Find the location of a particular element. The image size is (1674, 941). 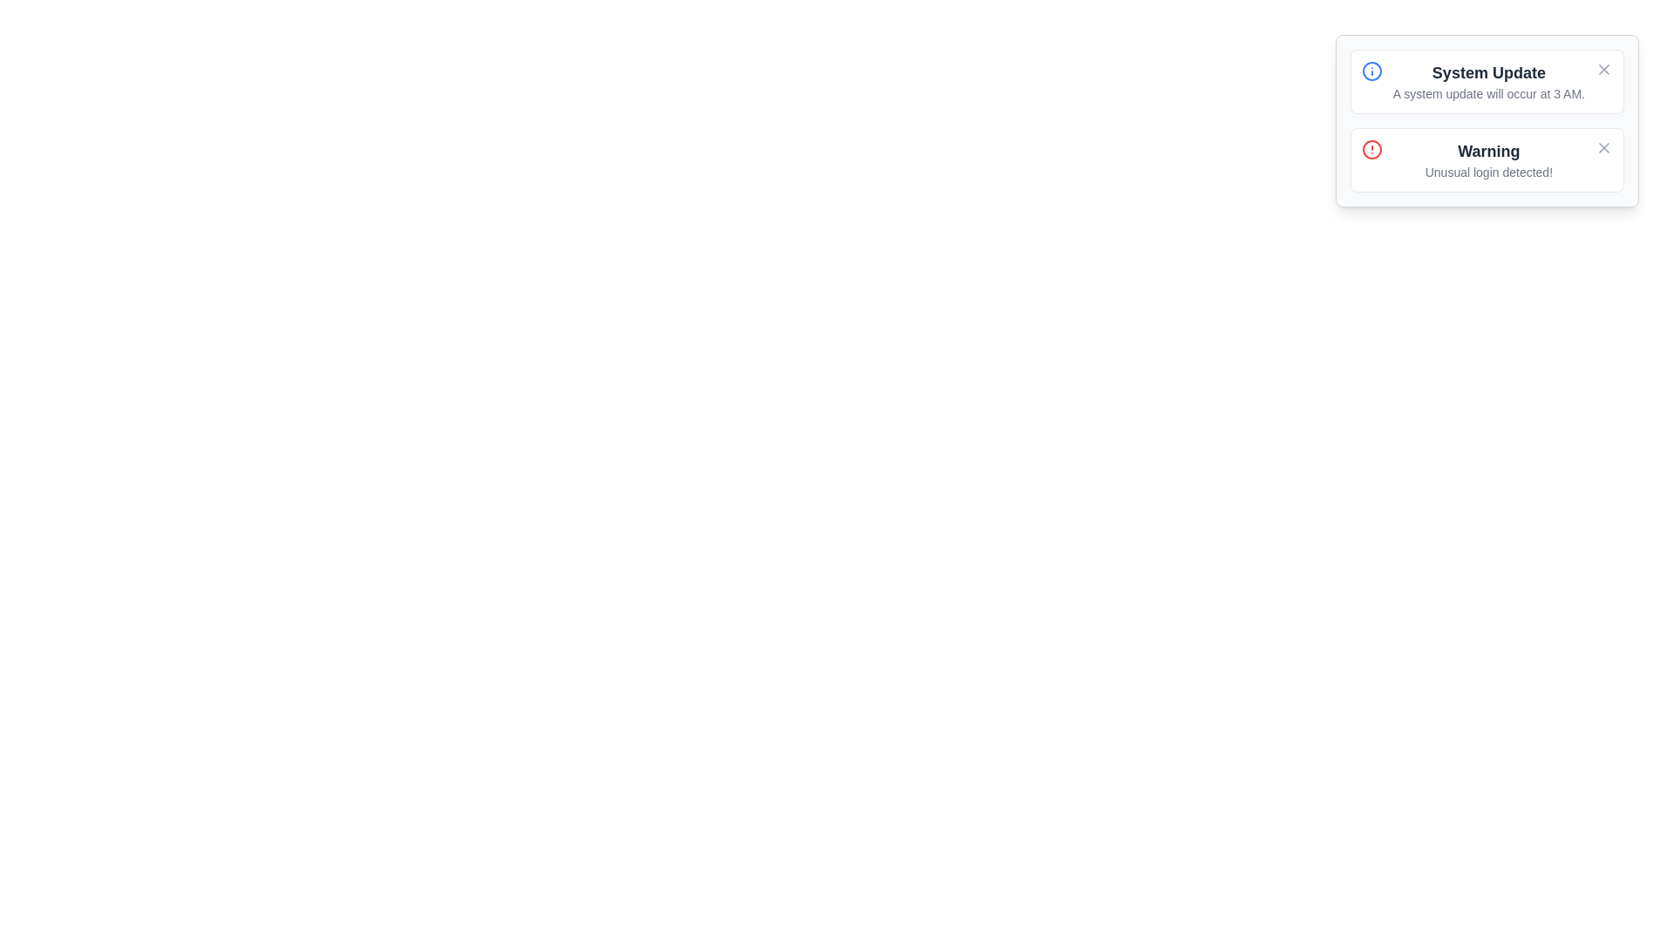

the information notification icon located to the left of the 'System Update' text in the notification element is located at coordinates (1371, 70).